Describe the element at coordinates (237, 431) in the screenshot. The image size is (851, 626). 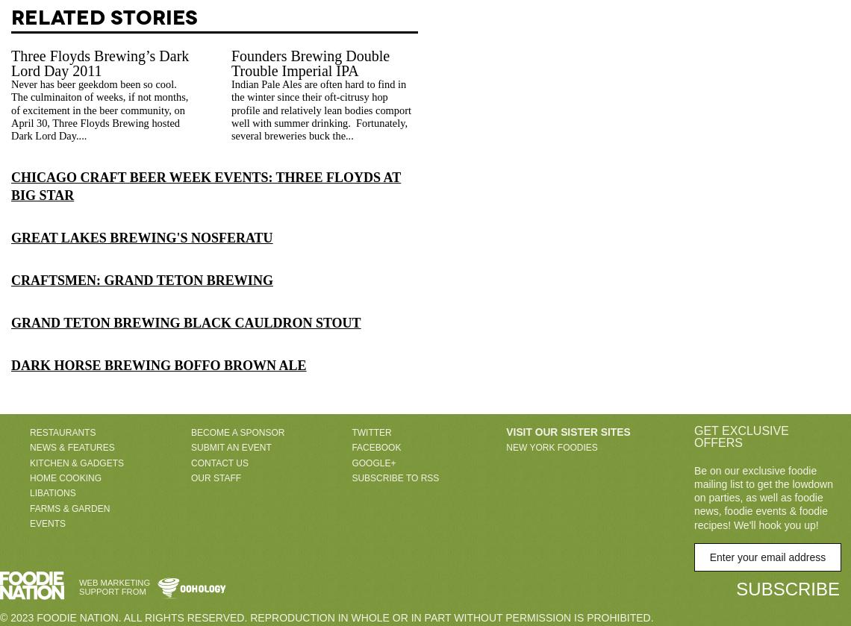
I see `'Become a Sponsor'` at that location.